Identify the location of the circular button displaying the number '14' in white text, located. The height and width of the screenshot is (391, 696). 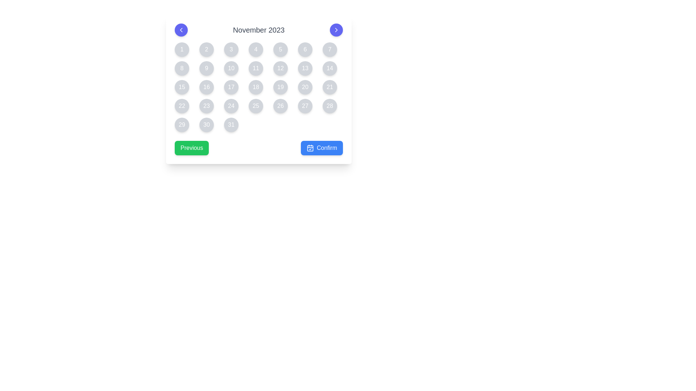
(330, 68).